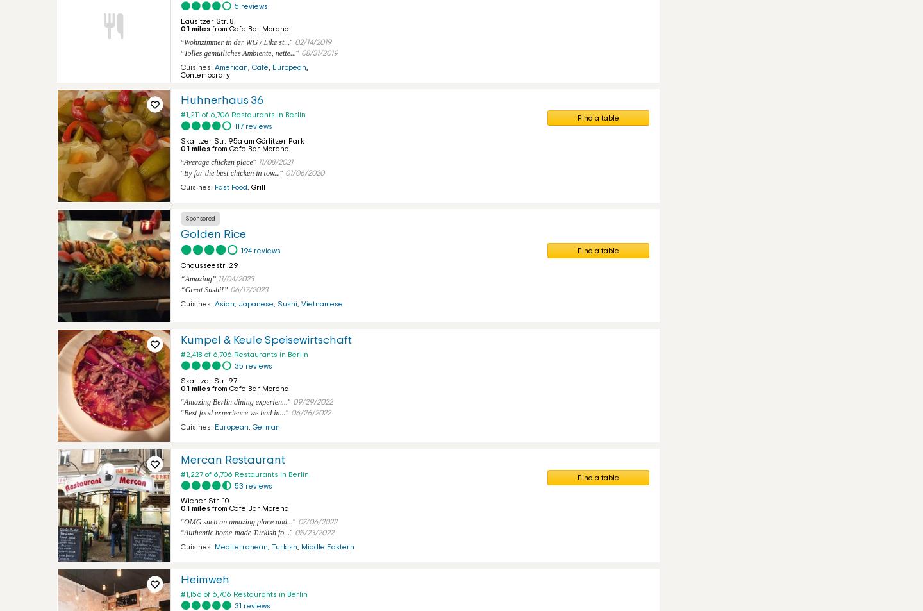  What do you see at coordinates (237, 521) in the screenshot?
I see `'OMG such an amazing place and...'` at bounding box center [237, 521].